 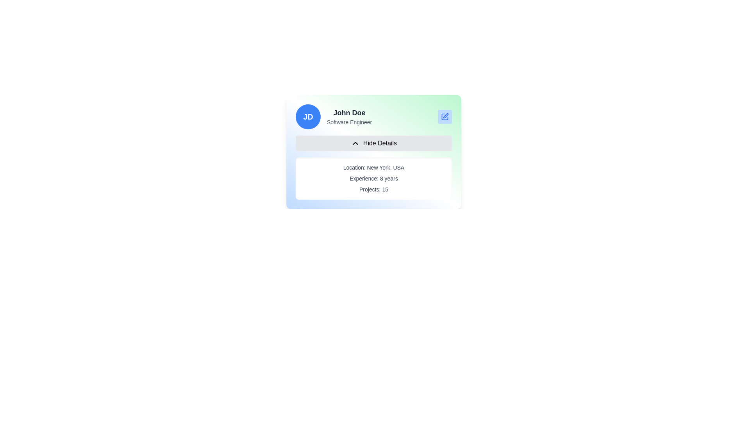 I want to click on the blue square icon with a pen graphic inside, located in the top-right corner of the profile card, so click(x=445, y=117).